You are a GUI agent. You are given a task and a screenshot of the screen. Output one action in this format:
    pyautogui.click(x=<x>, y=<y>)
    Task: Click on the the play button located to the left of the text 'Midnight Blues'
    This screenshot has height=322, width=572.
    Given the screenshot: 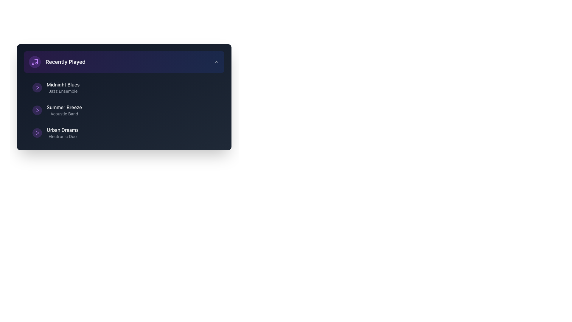 What is the action you would take?
    pyautogui.click(x=37, y=87)
    